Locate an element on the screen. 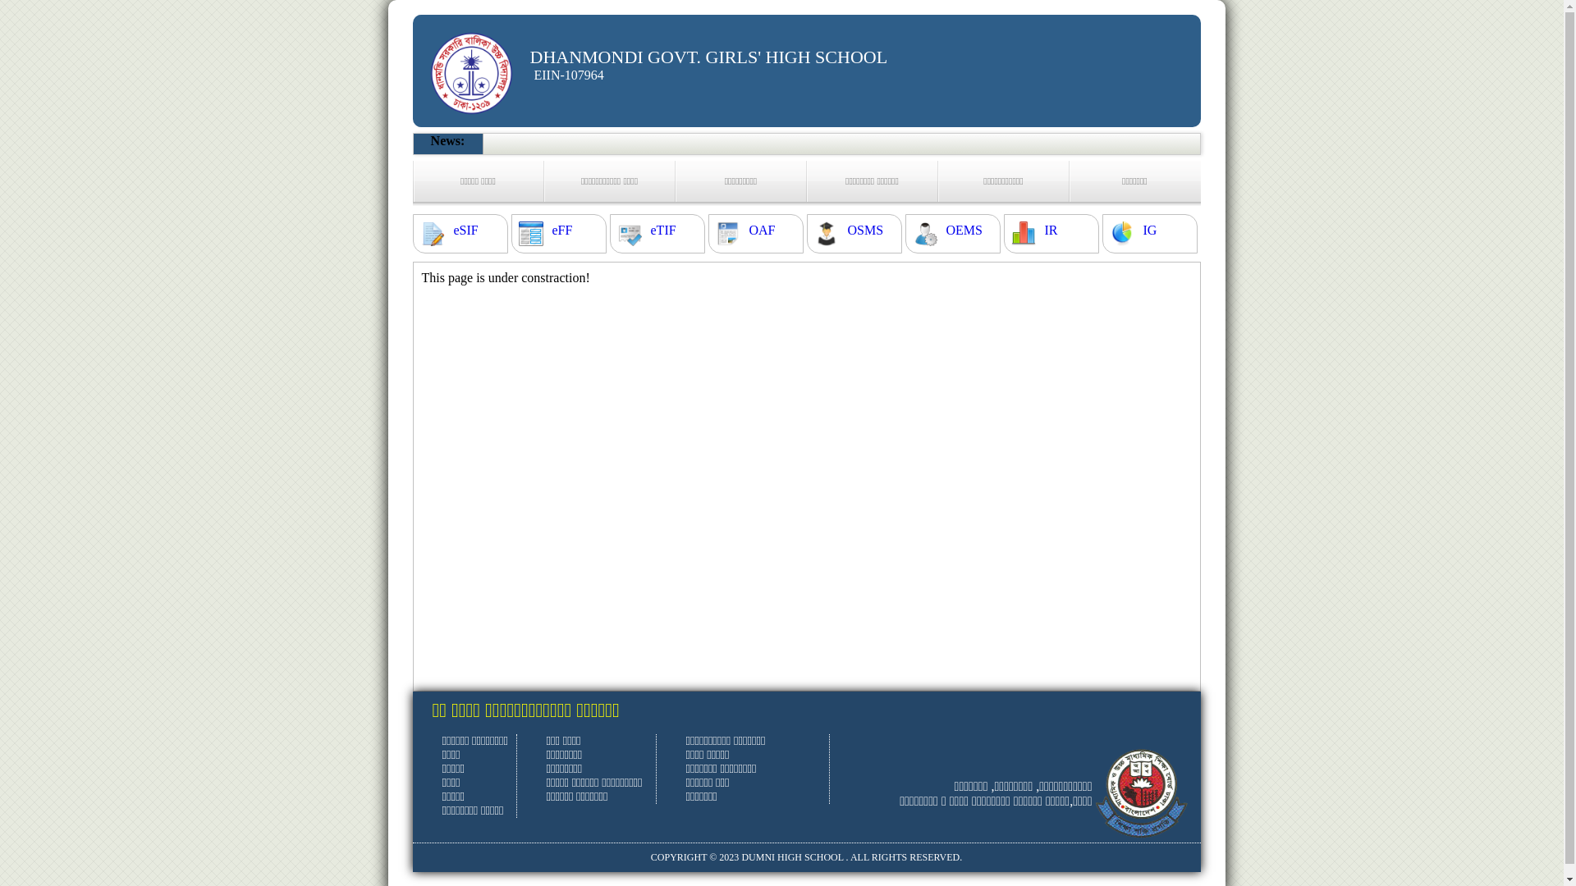 The height and width of the screenshot is (886, 1576). 'OAF' is located at coordinates (760, 231).